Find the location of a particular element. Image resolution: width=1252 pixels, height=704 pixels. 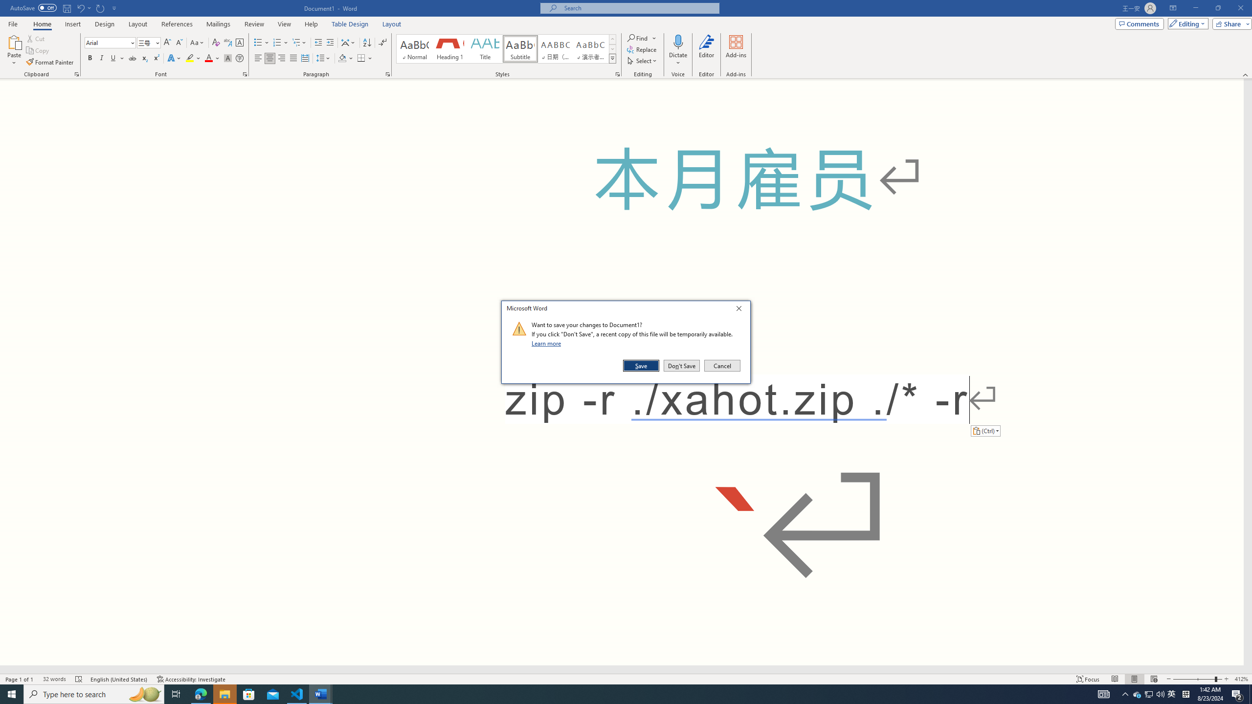

'Mailings' is located at coordinates (218, 24).